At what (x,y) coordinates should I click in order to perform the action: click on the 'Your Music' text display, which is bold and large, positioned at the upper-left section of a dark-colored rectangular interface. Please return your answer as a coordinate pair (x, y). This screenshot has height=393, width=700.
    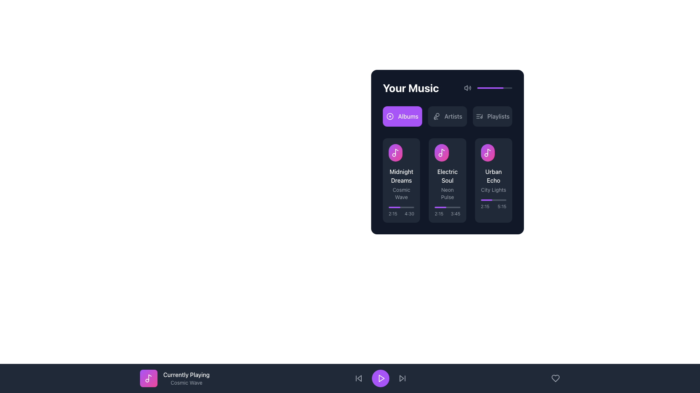
    Looking at the image, I should click on (411, 88).